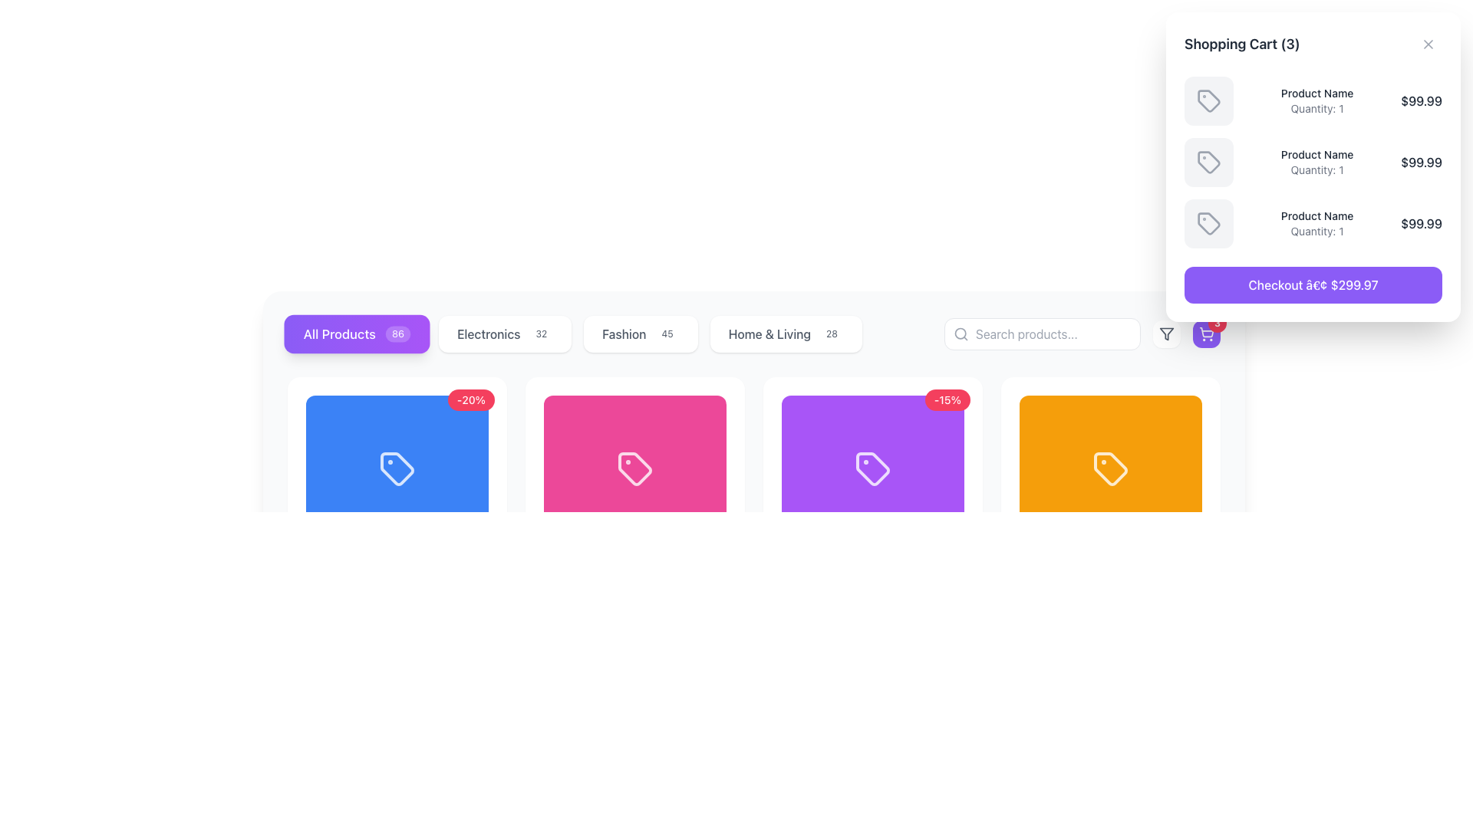 This screenshot has height=828, width=1473. I want to click on the Notification badge located in the top-right corner of the cart icon, which has a violet background and displays the count of items or updates, so click(1217, 322).